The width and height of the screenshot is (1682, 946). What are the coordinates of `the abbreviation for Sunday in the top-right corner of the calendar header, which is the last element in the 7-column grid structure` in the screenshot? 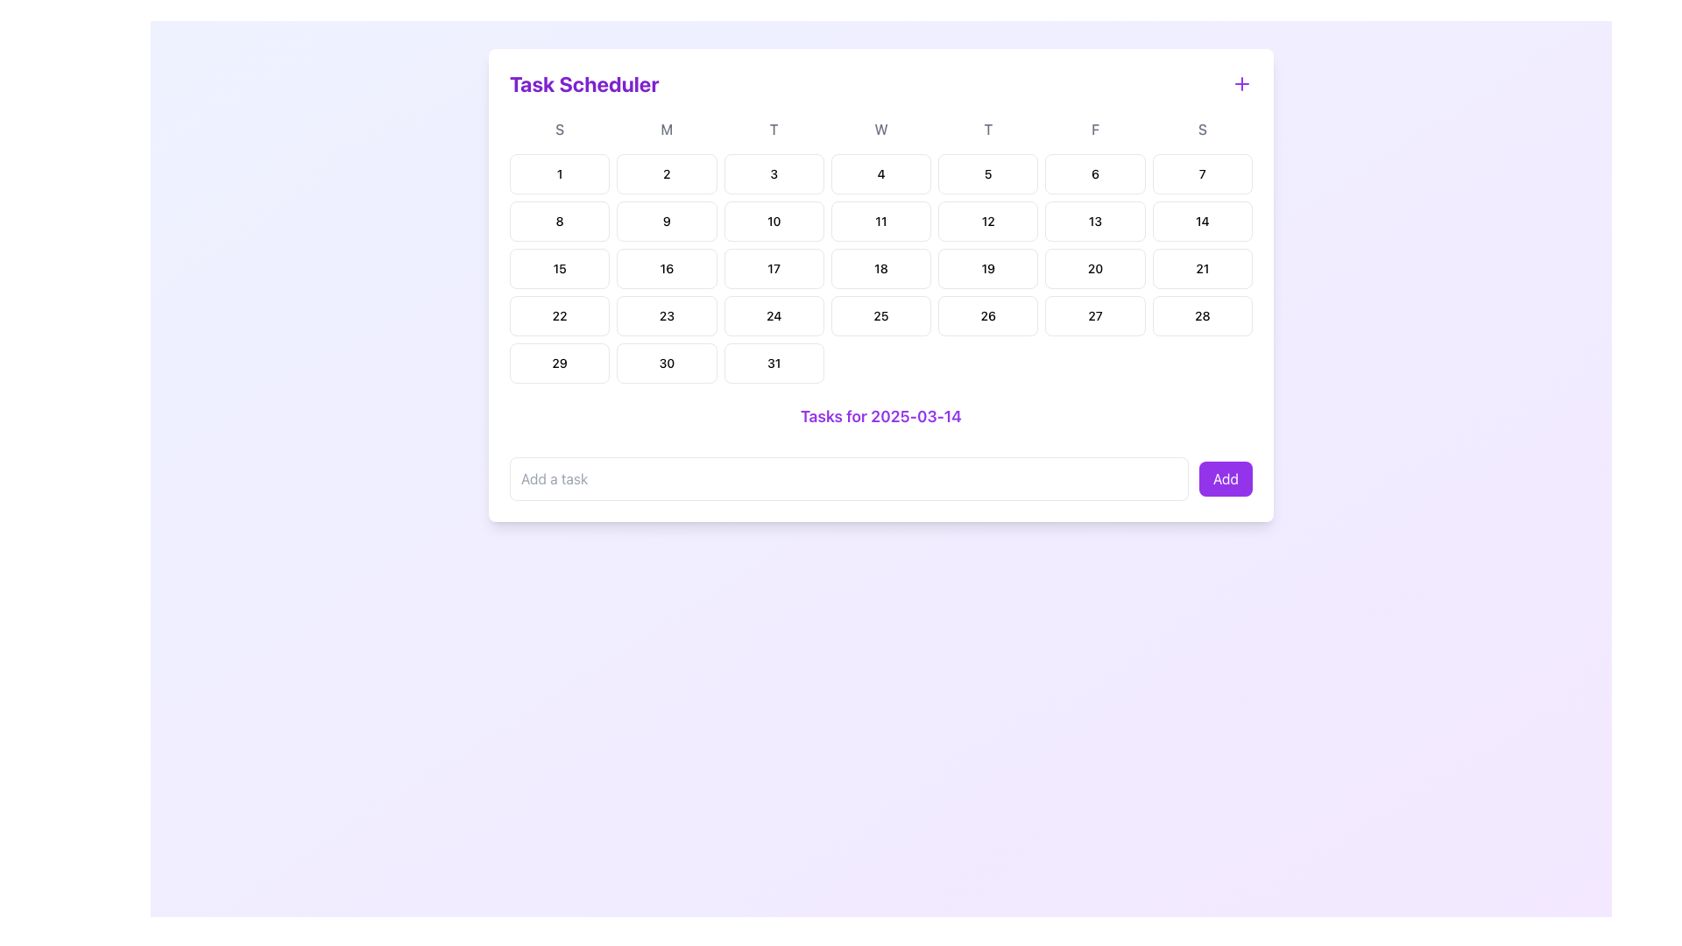 It's located at (1201, 128).